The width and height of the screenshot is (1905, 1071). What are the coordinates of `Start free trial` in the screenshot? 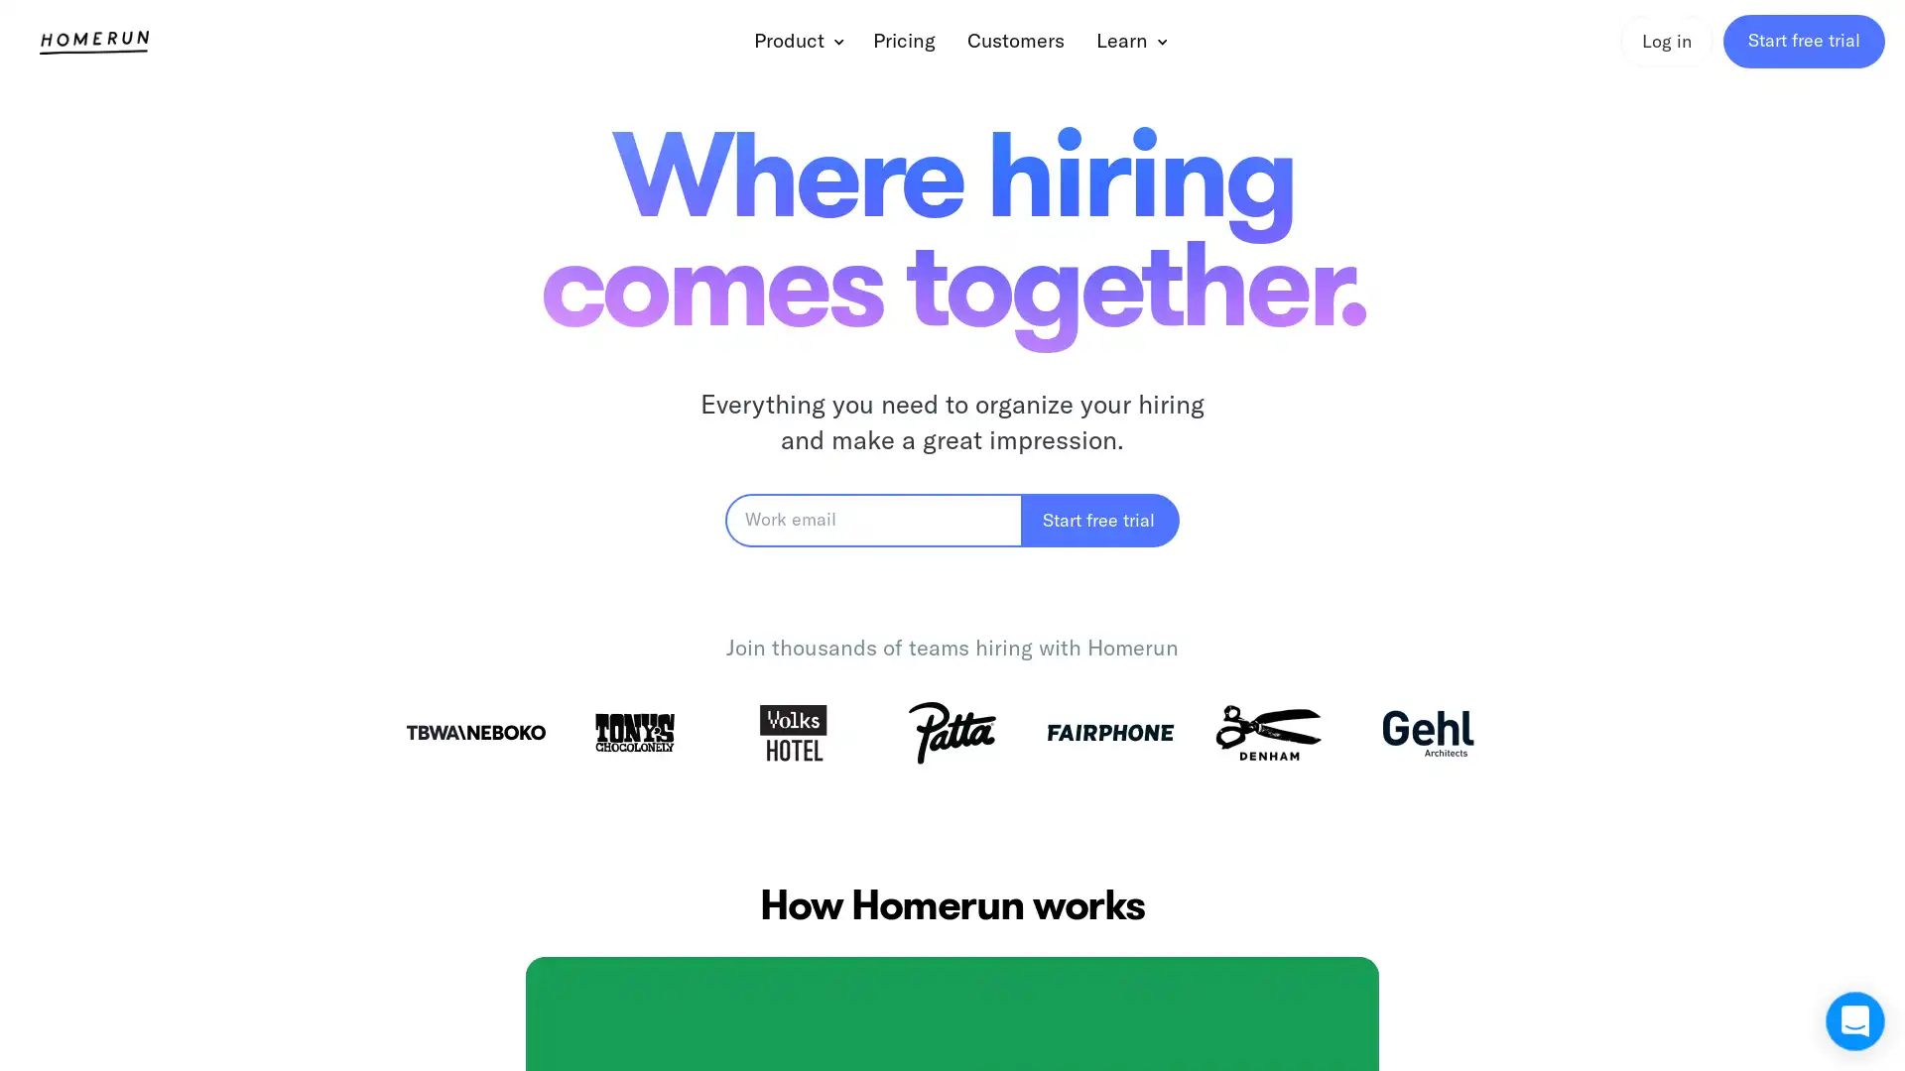 It's located at (1099, 519).